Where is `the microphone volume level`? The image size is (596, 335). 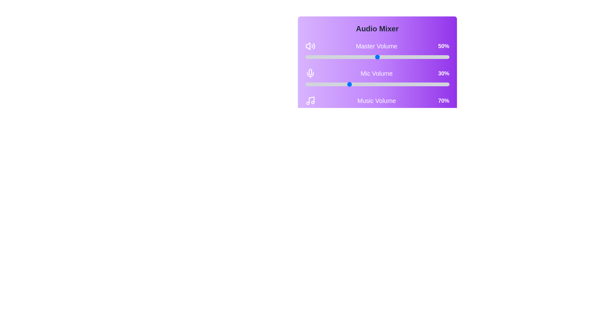 the microphone volume level is located at coordinates (319, 84).